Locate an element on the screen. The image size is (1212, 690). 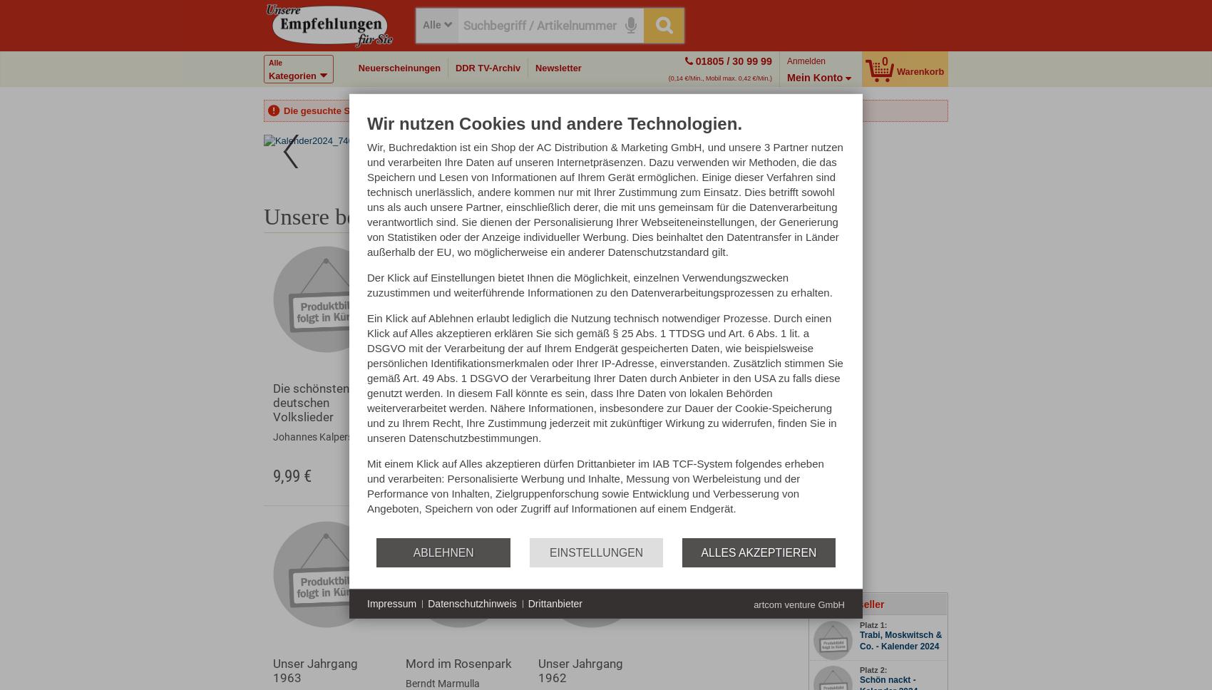
'Exklusiv' is located at coordinates (431, 246).